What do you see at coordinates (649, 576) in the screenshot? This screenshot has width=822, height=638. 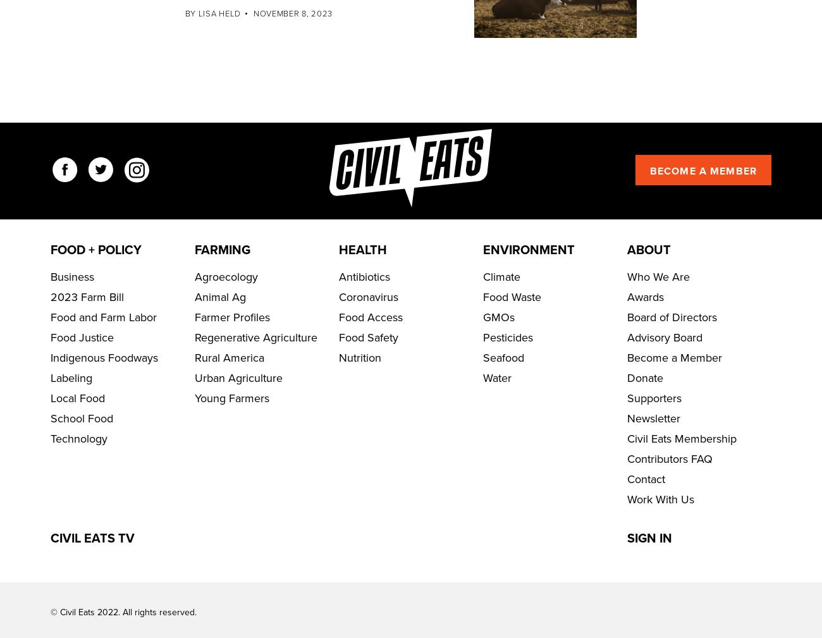 I see `'Sign in'` at bounding box center [649, 576].